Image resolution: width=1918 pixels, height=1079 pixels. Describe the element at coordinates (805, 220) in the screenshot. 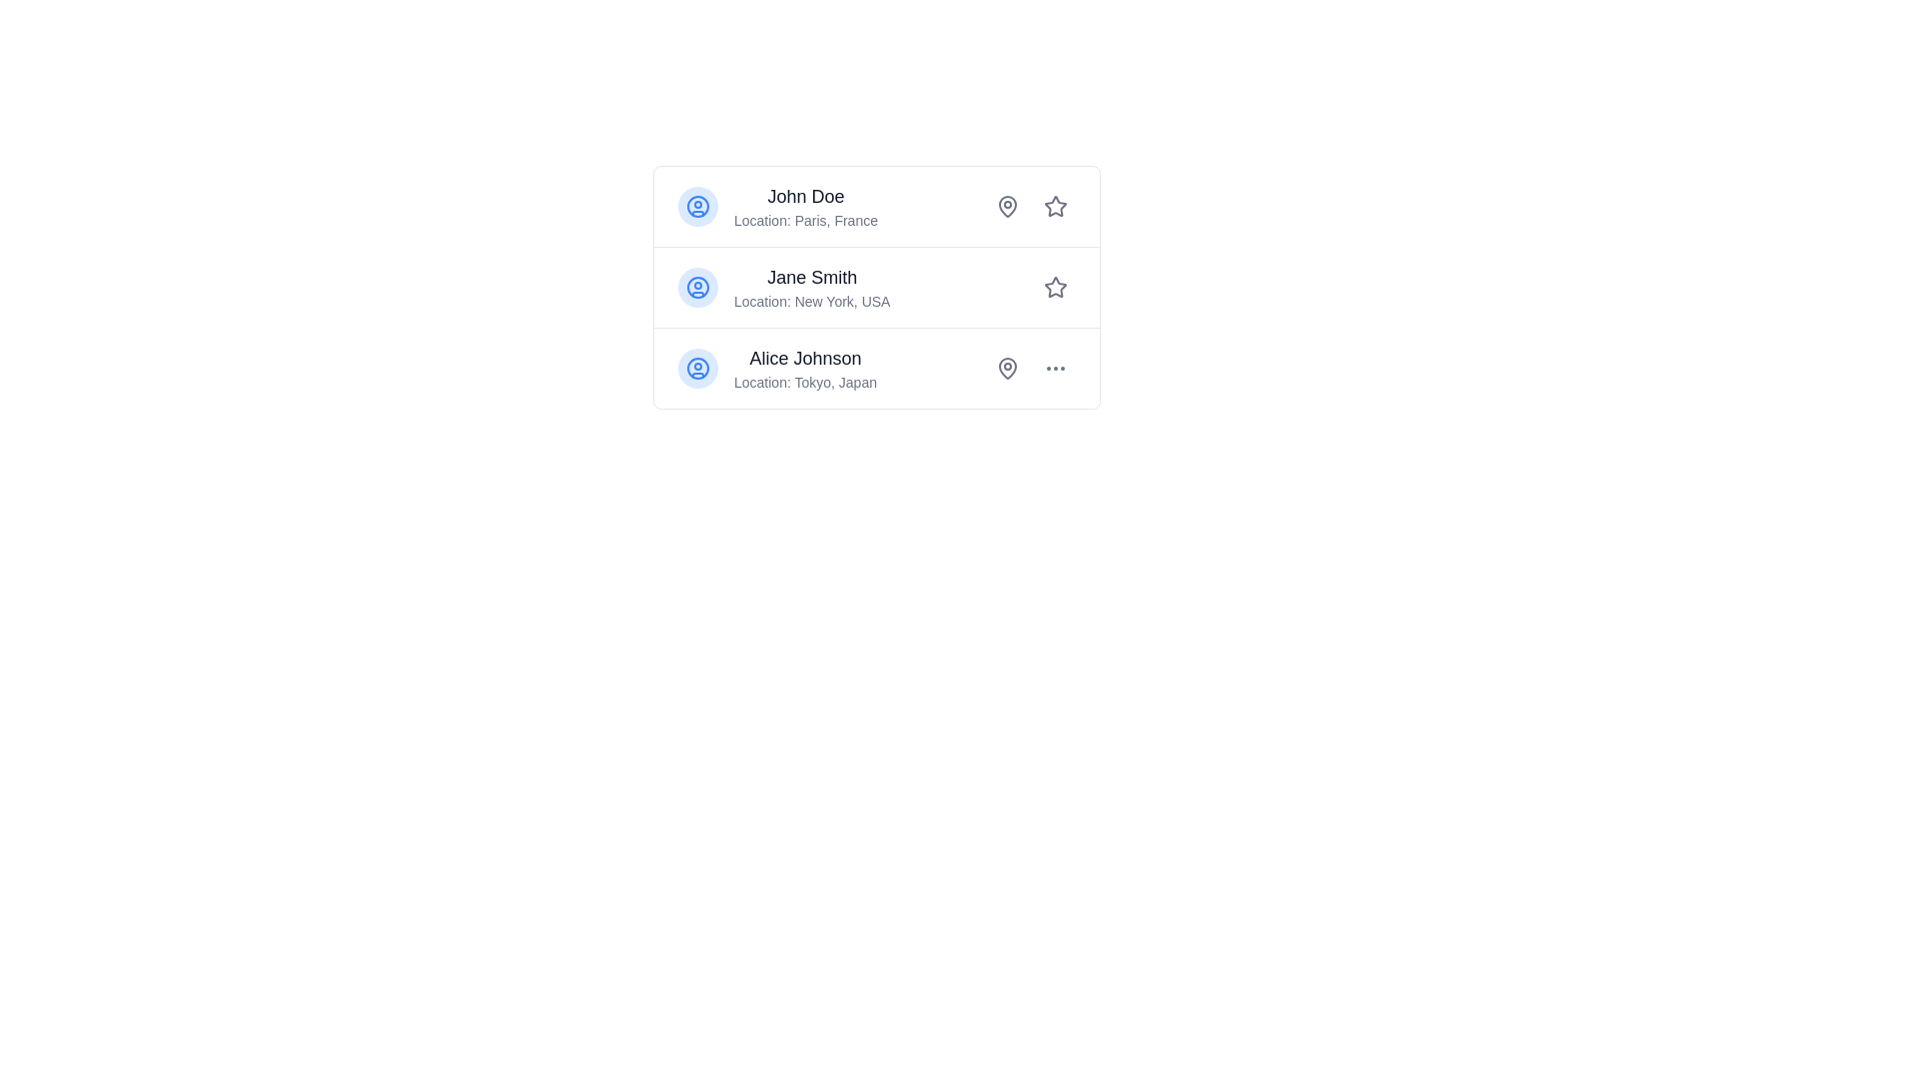

I see `the text label displaying 'Location: Paris, France', which is situated below the 'John Doe' label in the top-left section of the UI` at that location.